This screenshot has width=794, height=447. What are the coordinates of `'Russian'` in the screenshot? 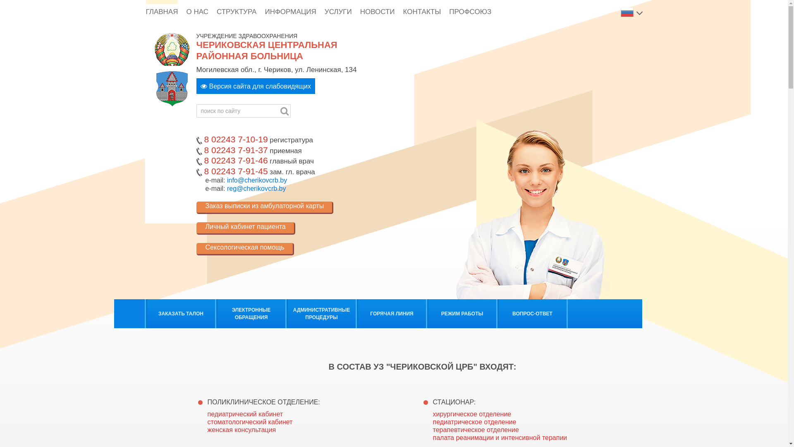 It's located at (627, 11).